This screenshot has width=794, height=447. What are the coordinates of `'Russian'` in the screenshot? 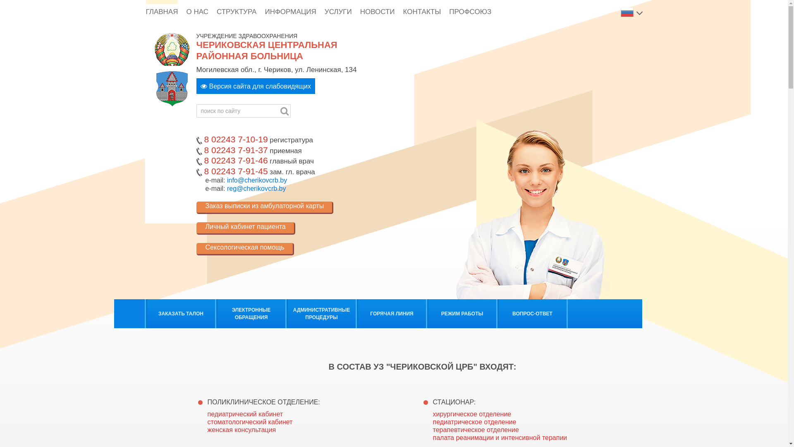 It's located at (627, 11).